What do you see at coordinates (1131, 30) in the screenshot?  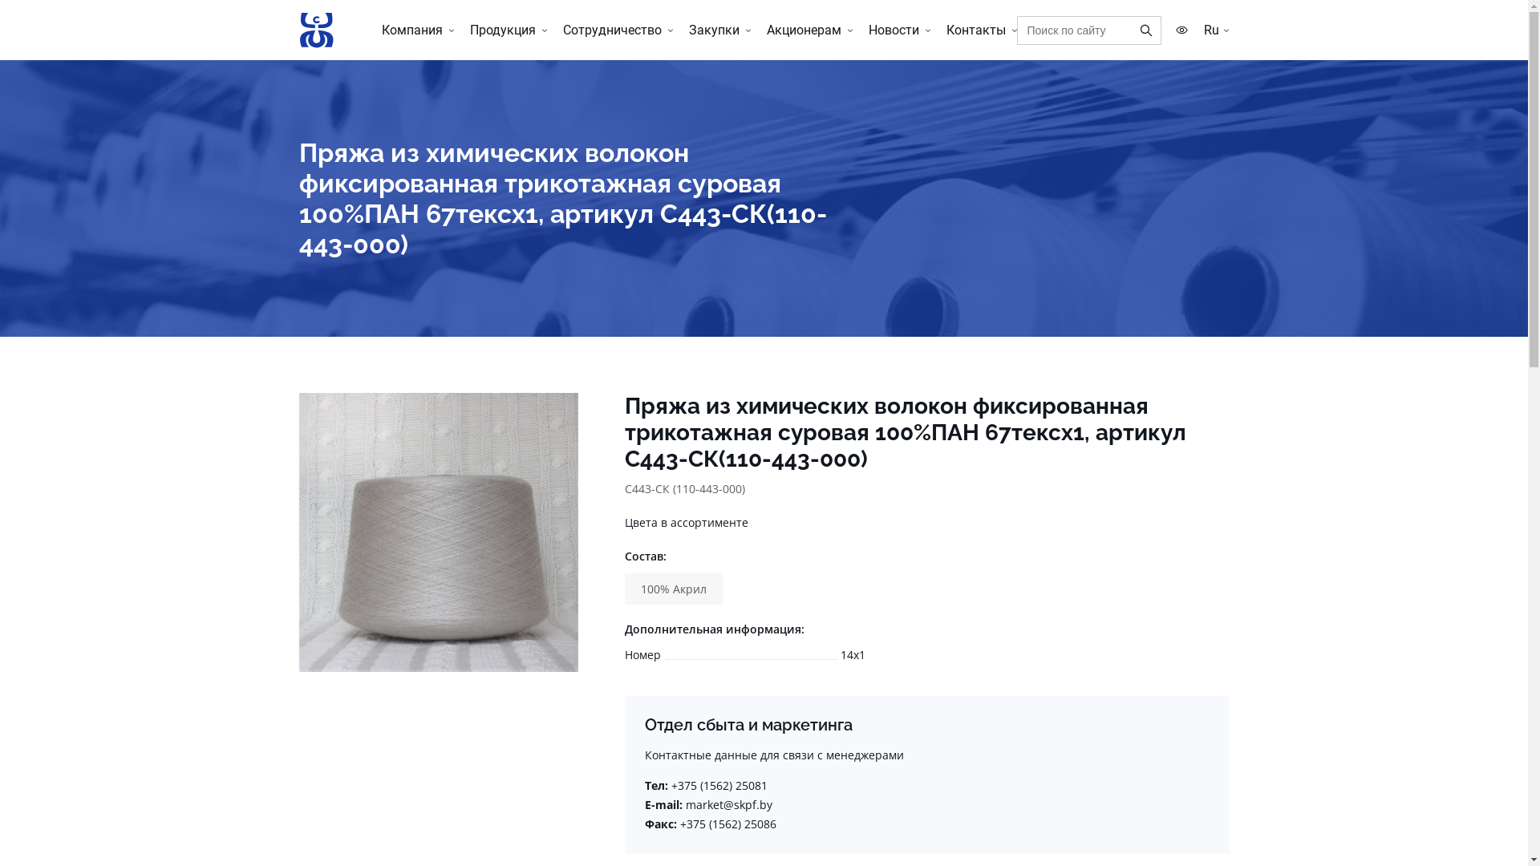 I see `'Search Button'` at bounding box center [1131, 30].